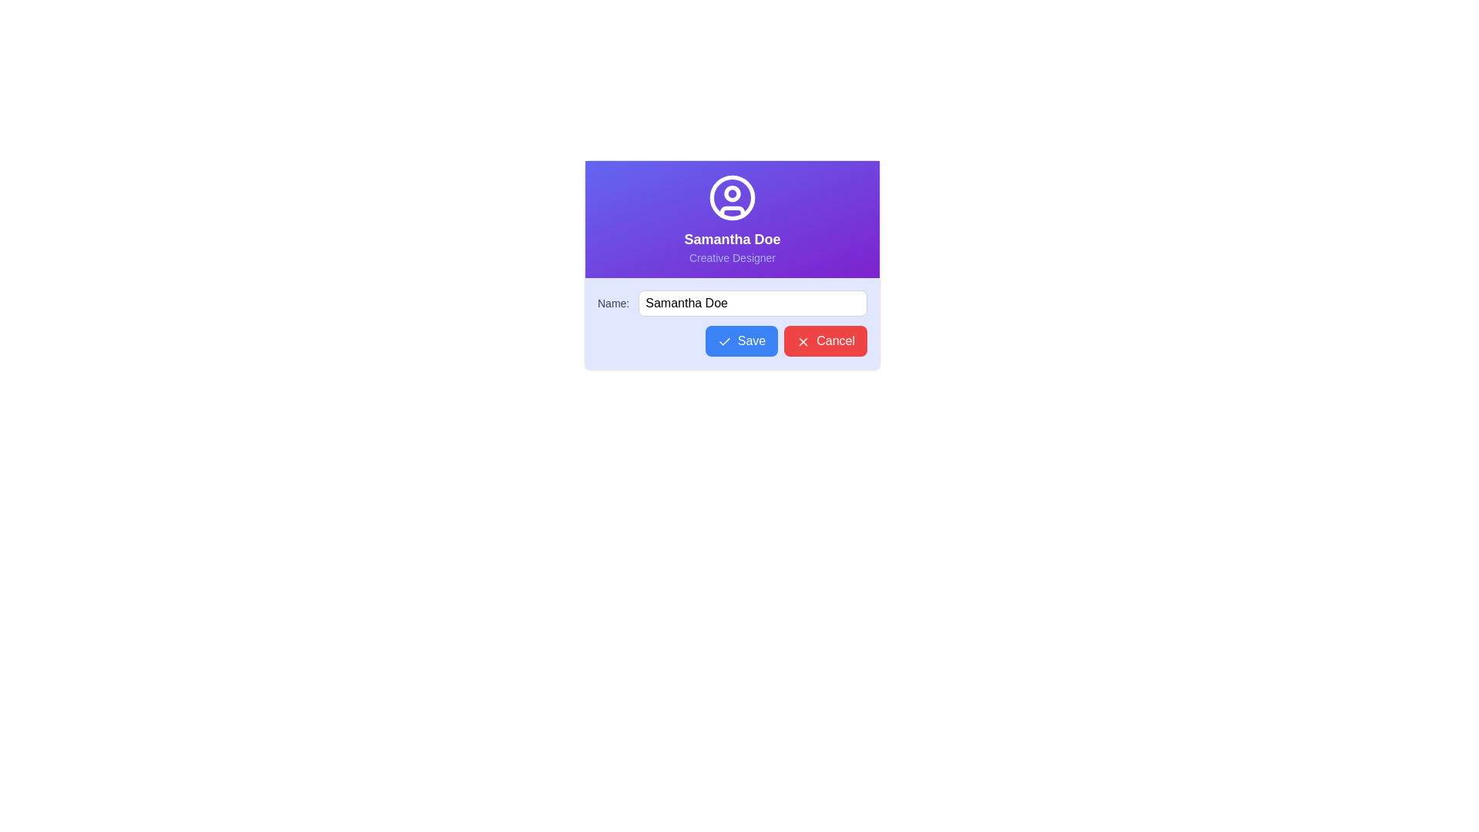 The width and height of the screenshot is (1479, 832). Describe the element at coordinates (731, 341) in the screenshot. I see `the blue 'Save' button with a checkmark icon located in the Button Group beneath the 'Name' input field` at that location.